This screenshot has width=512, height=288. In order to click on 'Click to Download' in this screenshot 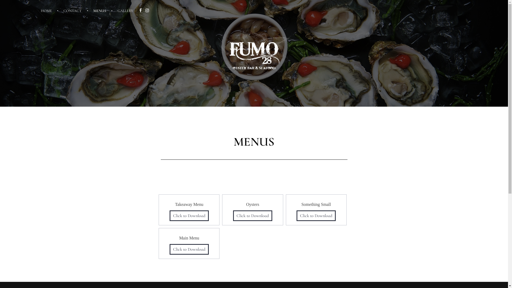, I will do `click(252, 215)`.